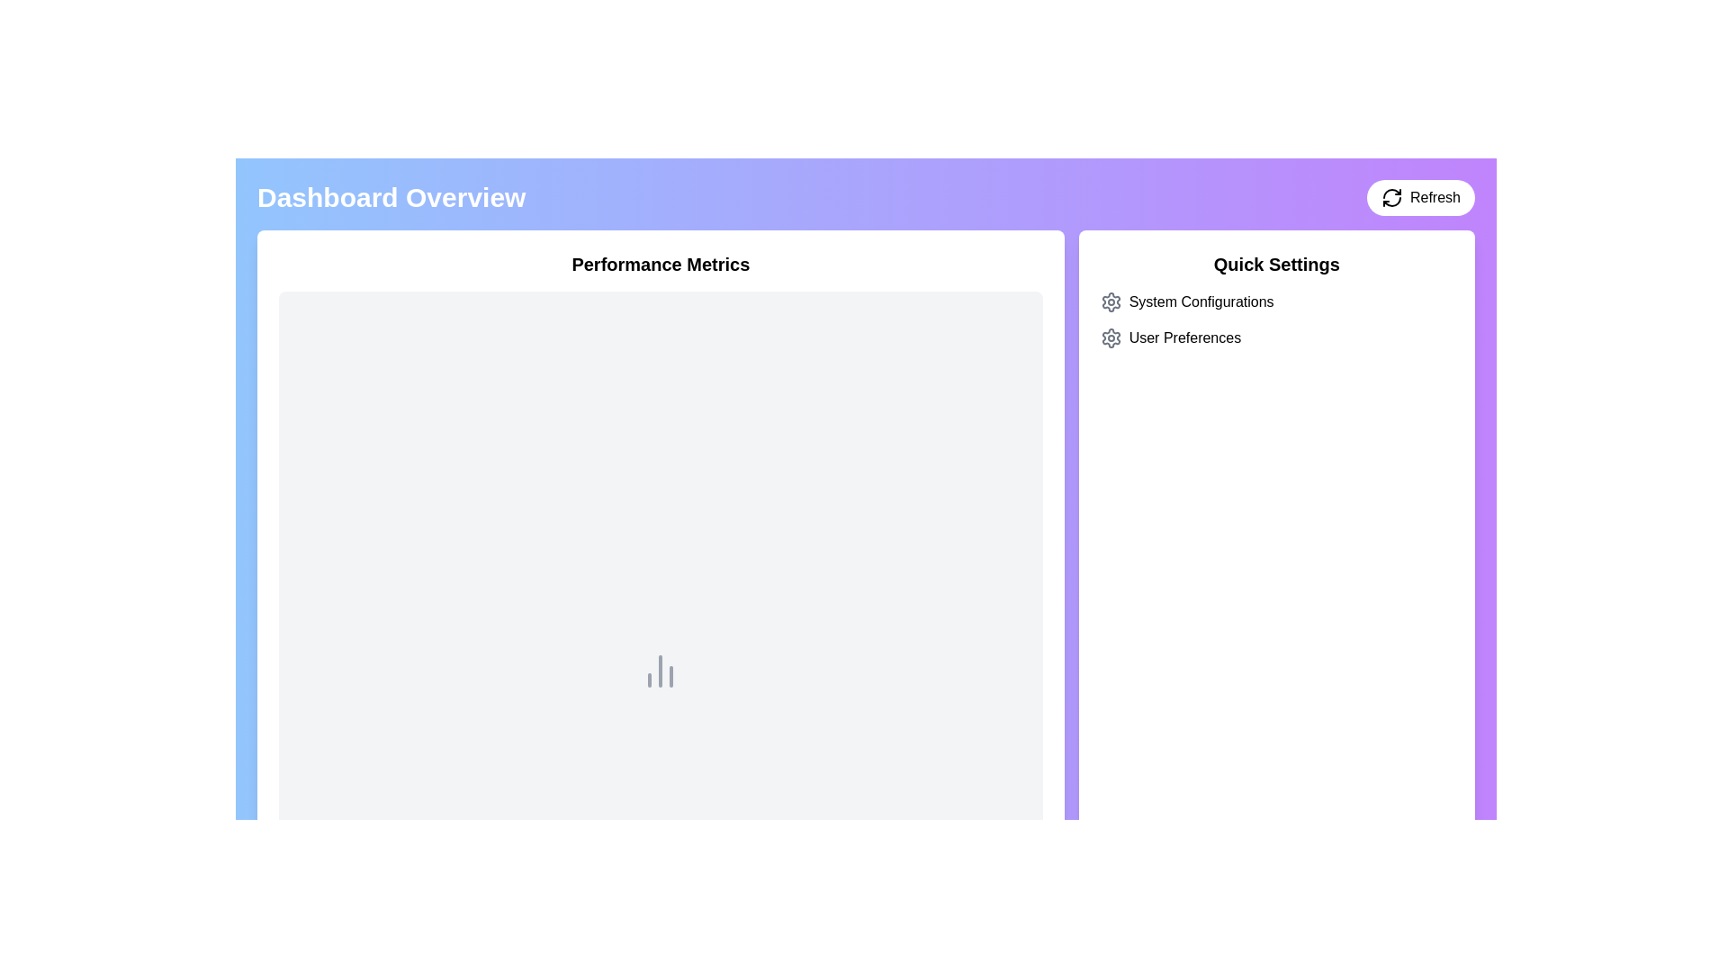 The image size is (1728, 972). I want to click on the 'System Configurations' text label in the 'Quick Settings' section, so click(1201, 301).